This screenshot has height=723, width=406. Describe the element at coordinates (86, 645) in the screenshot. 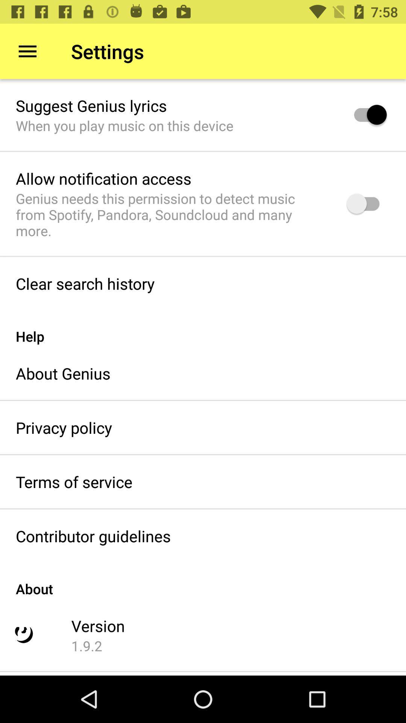

I see `1.9.2 icon` at that location.